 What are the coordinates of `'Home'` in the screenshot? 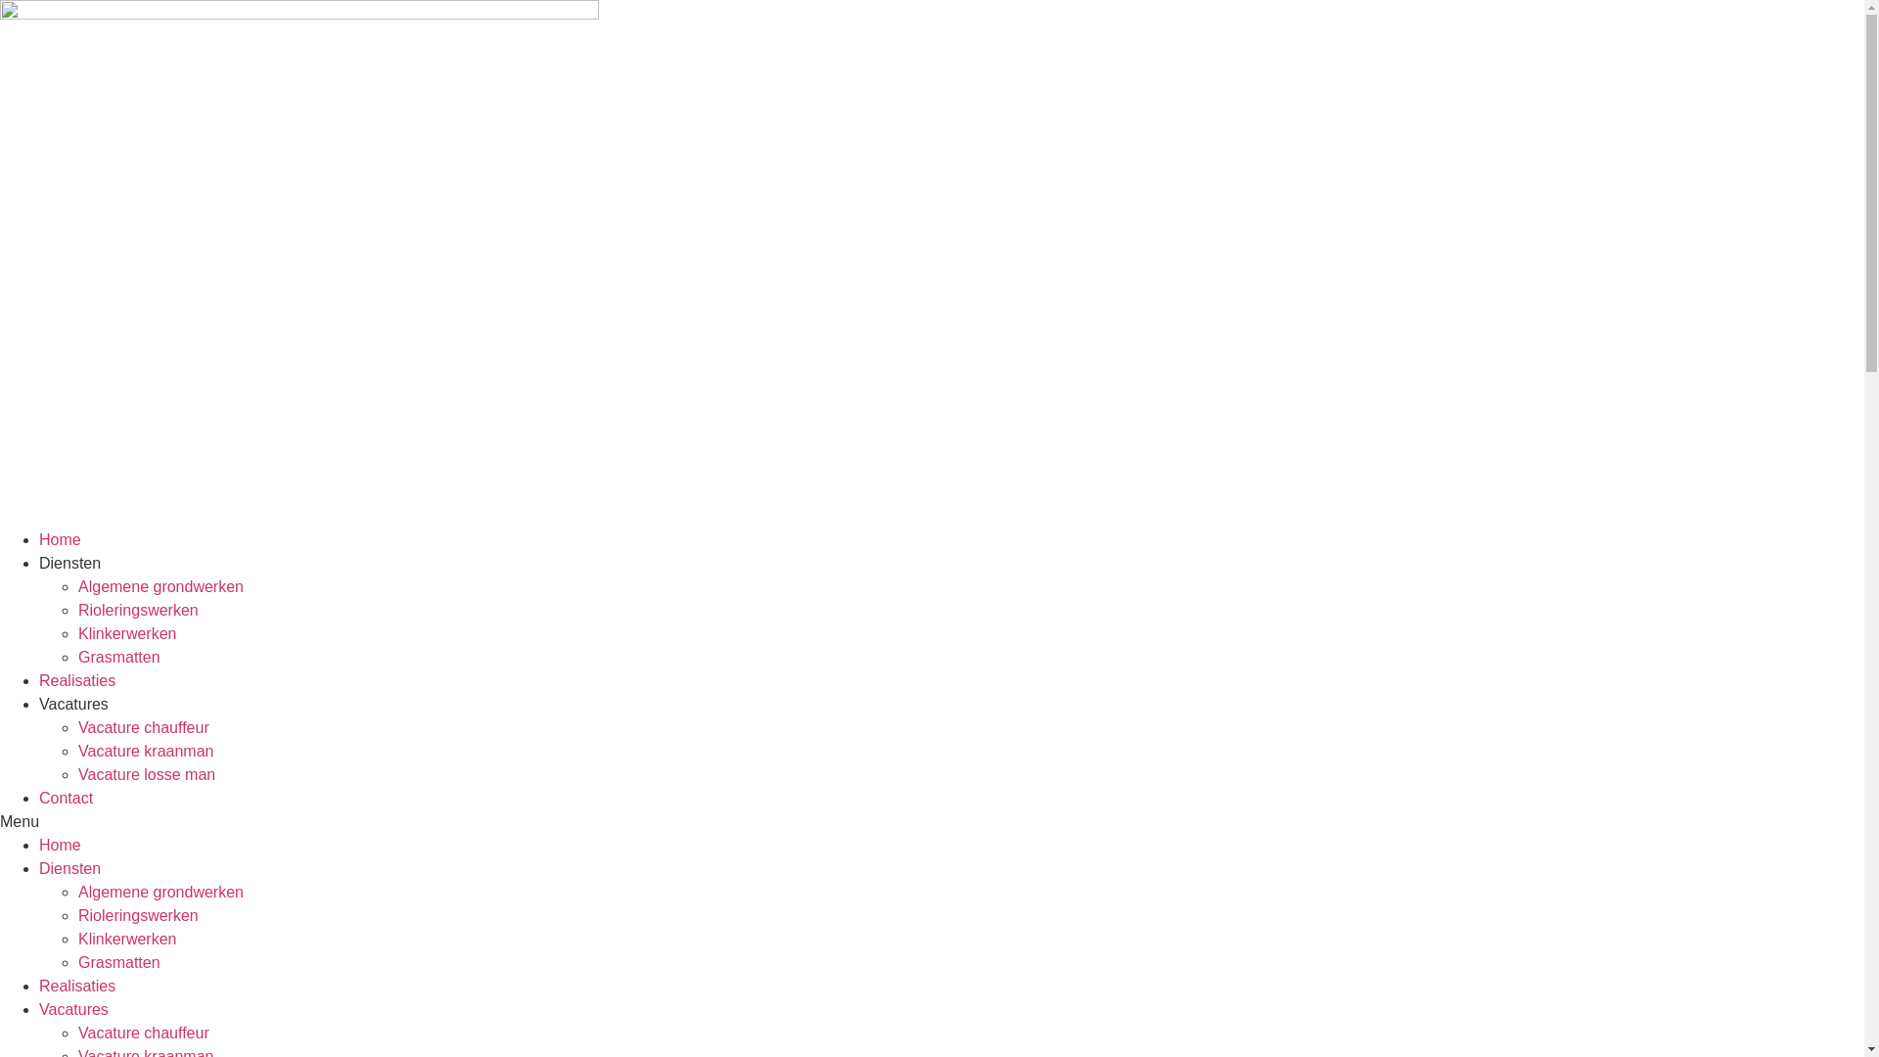 It's located at (60, 539).